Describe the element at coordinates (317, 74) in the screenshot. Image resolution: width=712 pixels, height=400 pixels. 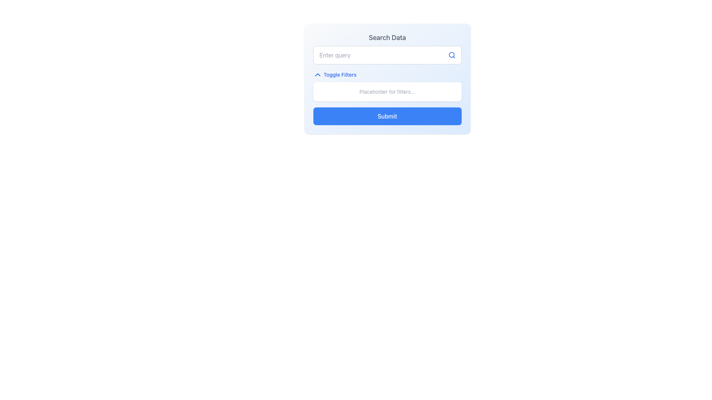
I see `the chevron icon located to the left of the 'Toggle Filters' label to trigger any hover effects` at that location.